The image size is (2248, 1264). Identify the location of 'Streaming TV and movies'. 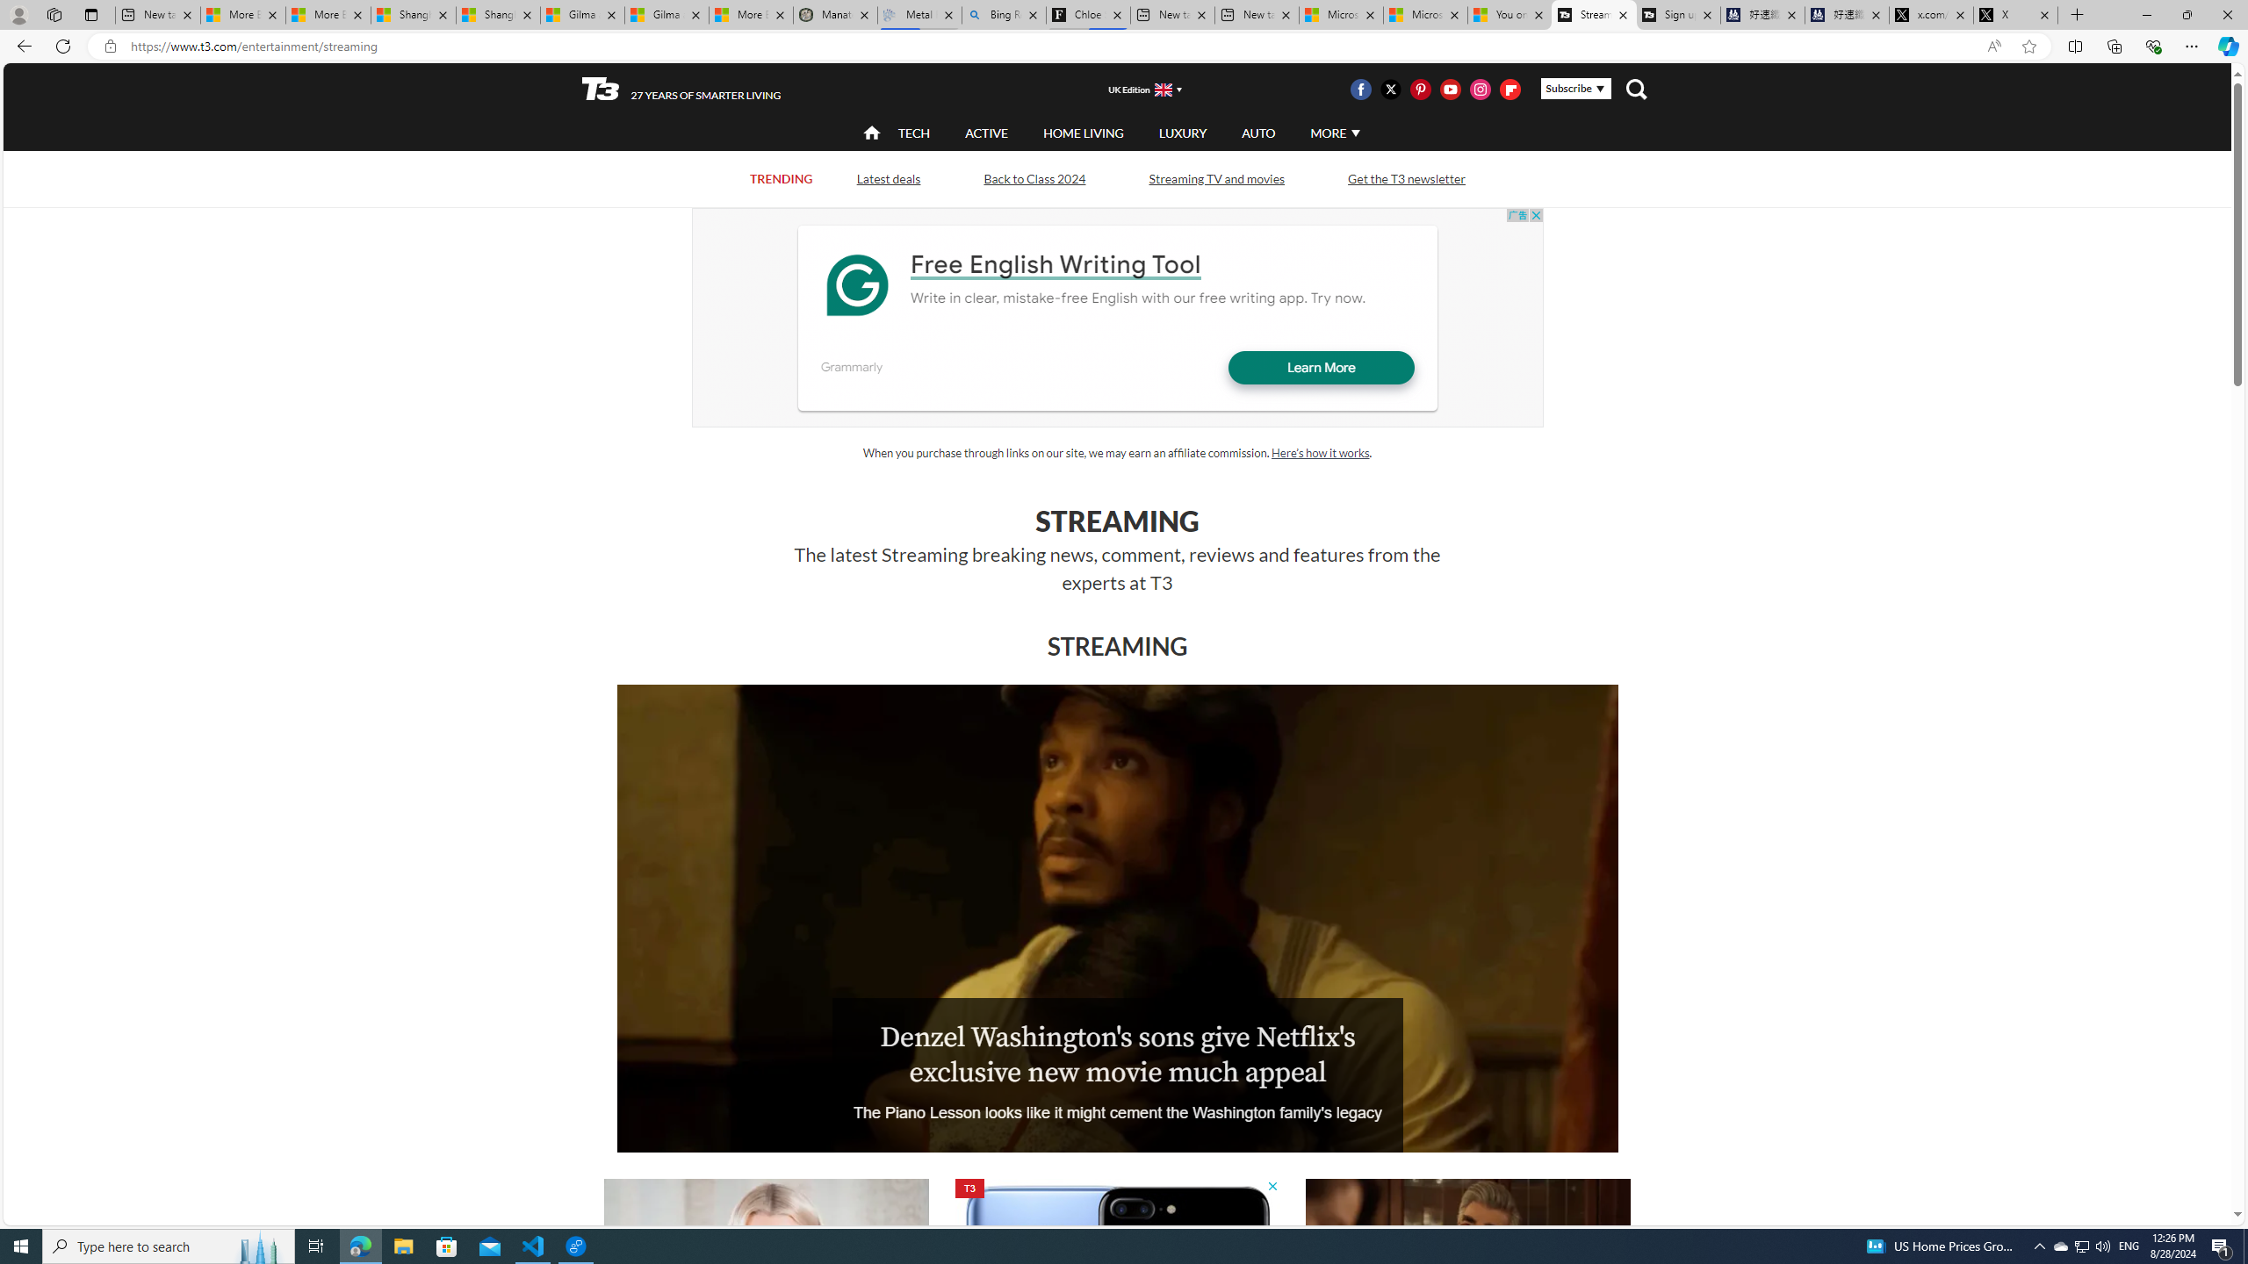
(1216, 177).